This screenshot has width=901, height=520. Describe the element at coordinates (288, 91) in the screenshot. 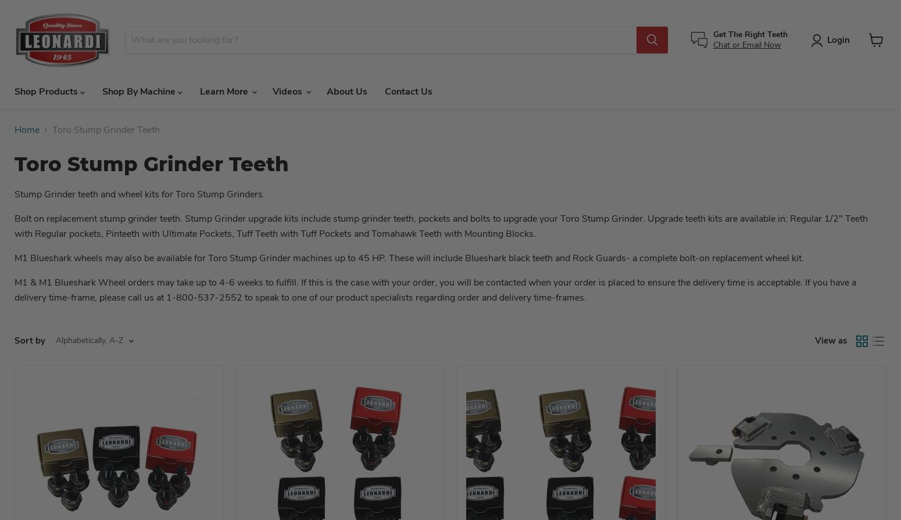

I see `'Videos'` at that location.